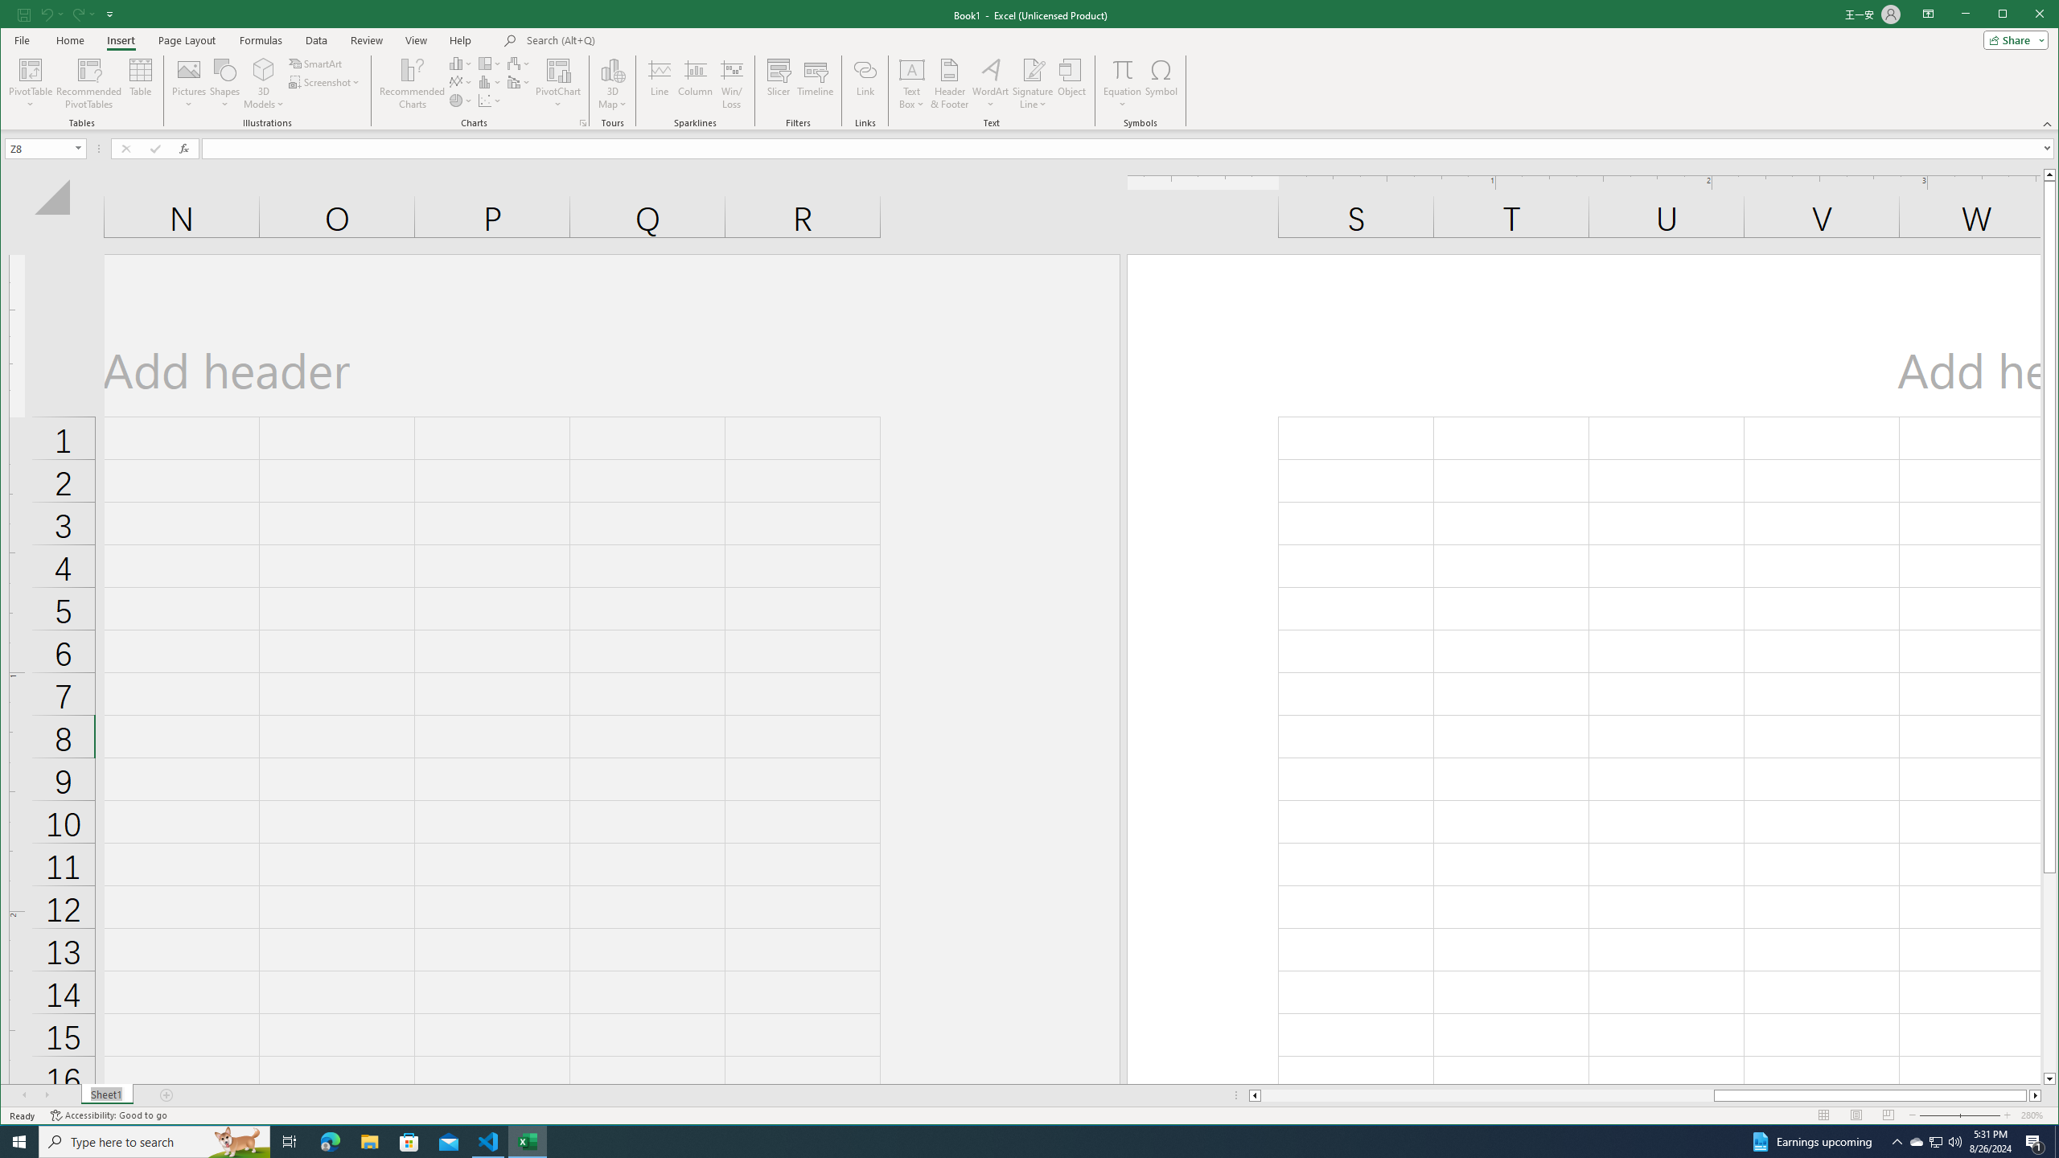 Image resolution: width=2059 pixels, height=1158 pixels. Describe the element at coordinates (518, 63) in the screenshot. I see `'Insert Waterfall, Funnel, Stock, Surface, or Radar Chart'` at that location.